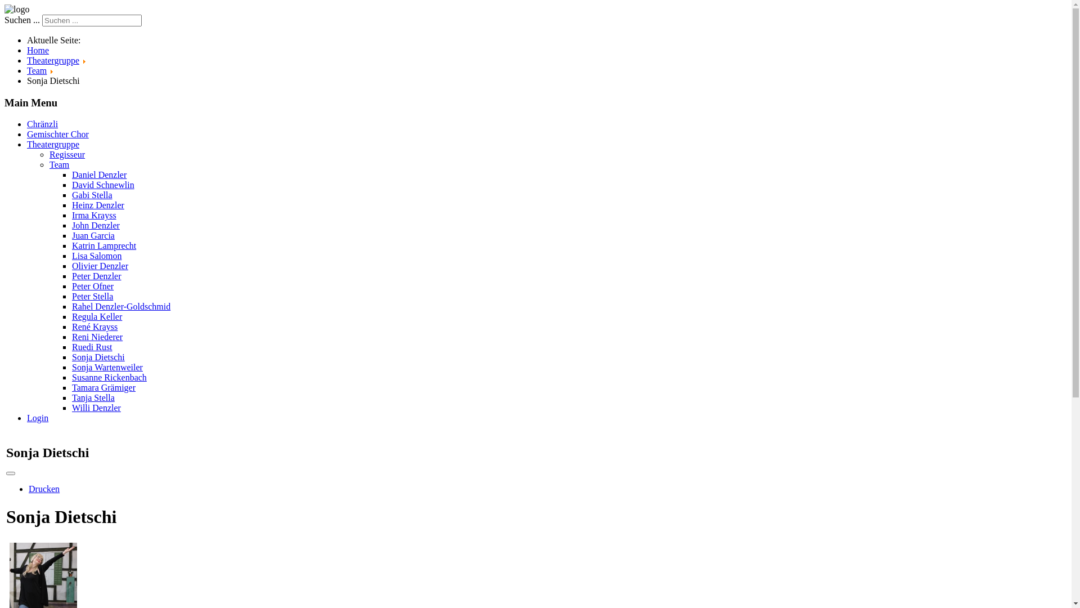 The height and width of the screenshot is (608, 1080). Describe the element at coordinates (71, 296) in the screenshot. I see `'Peter Stella'` at that location.